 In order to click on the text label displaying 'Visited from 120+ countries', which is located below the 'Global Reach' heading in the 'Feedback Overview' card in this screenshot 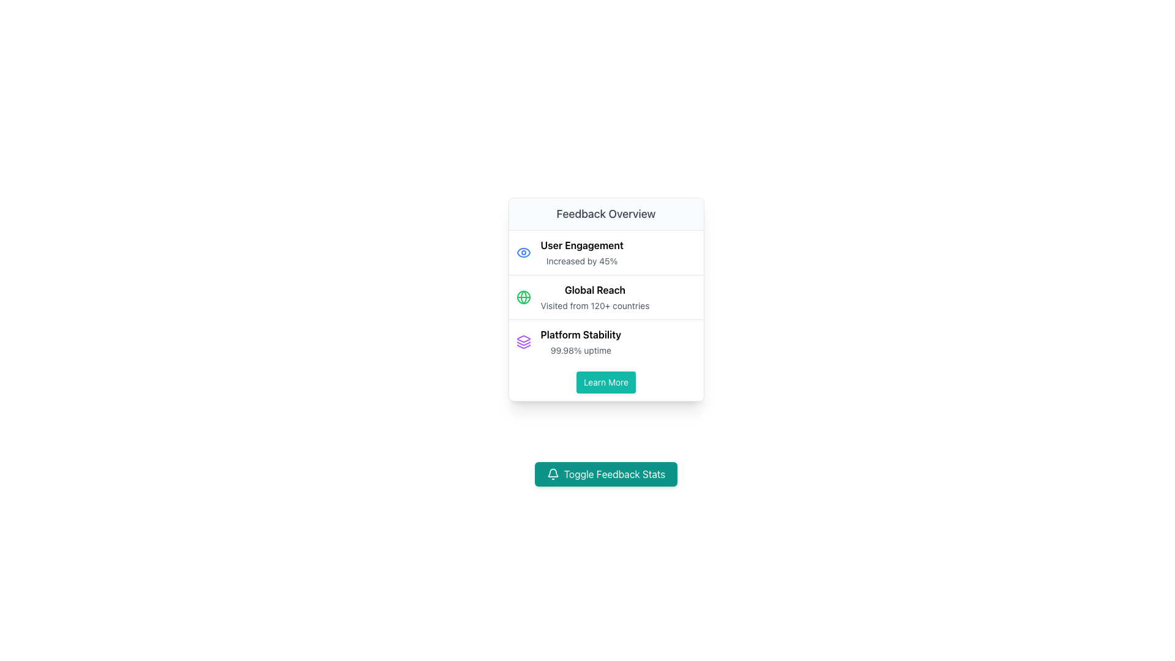, I will do `click(595, 305)`.